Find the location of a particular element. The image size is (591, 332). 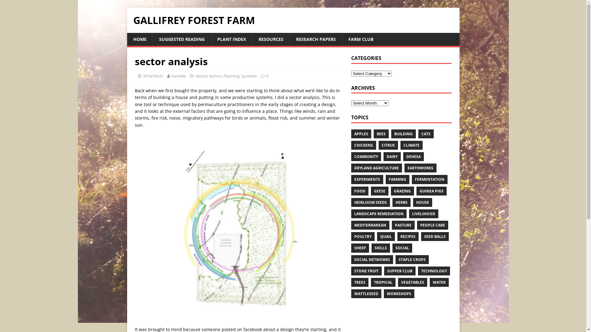

'2016/04/20' is located at coordinates (153, 75).